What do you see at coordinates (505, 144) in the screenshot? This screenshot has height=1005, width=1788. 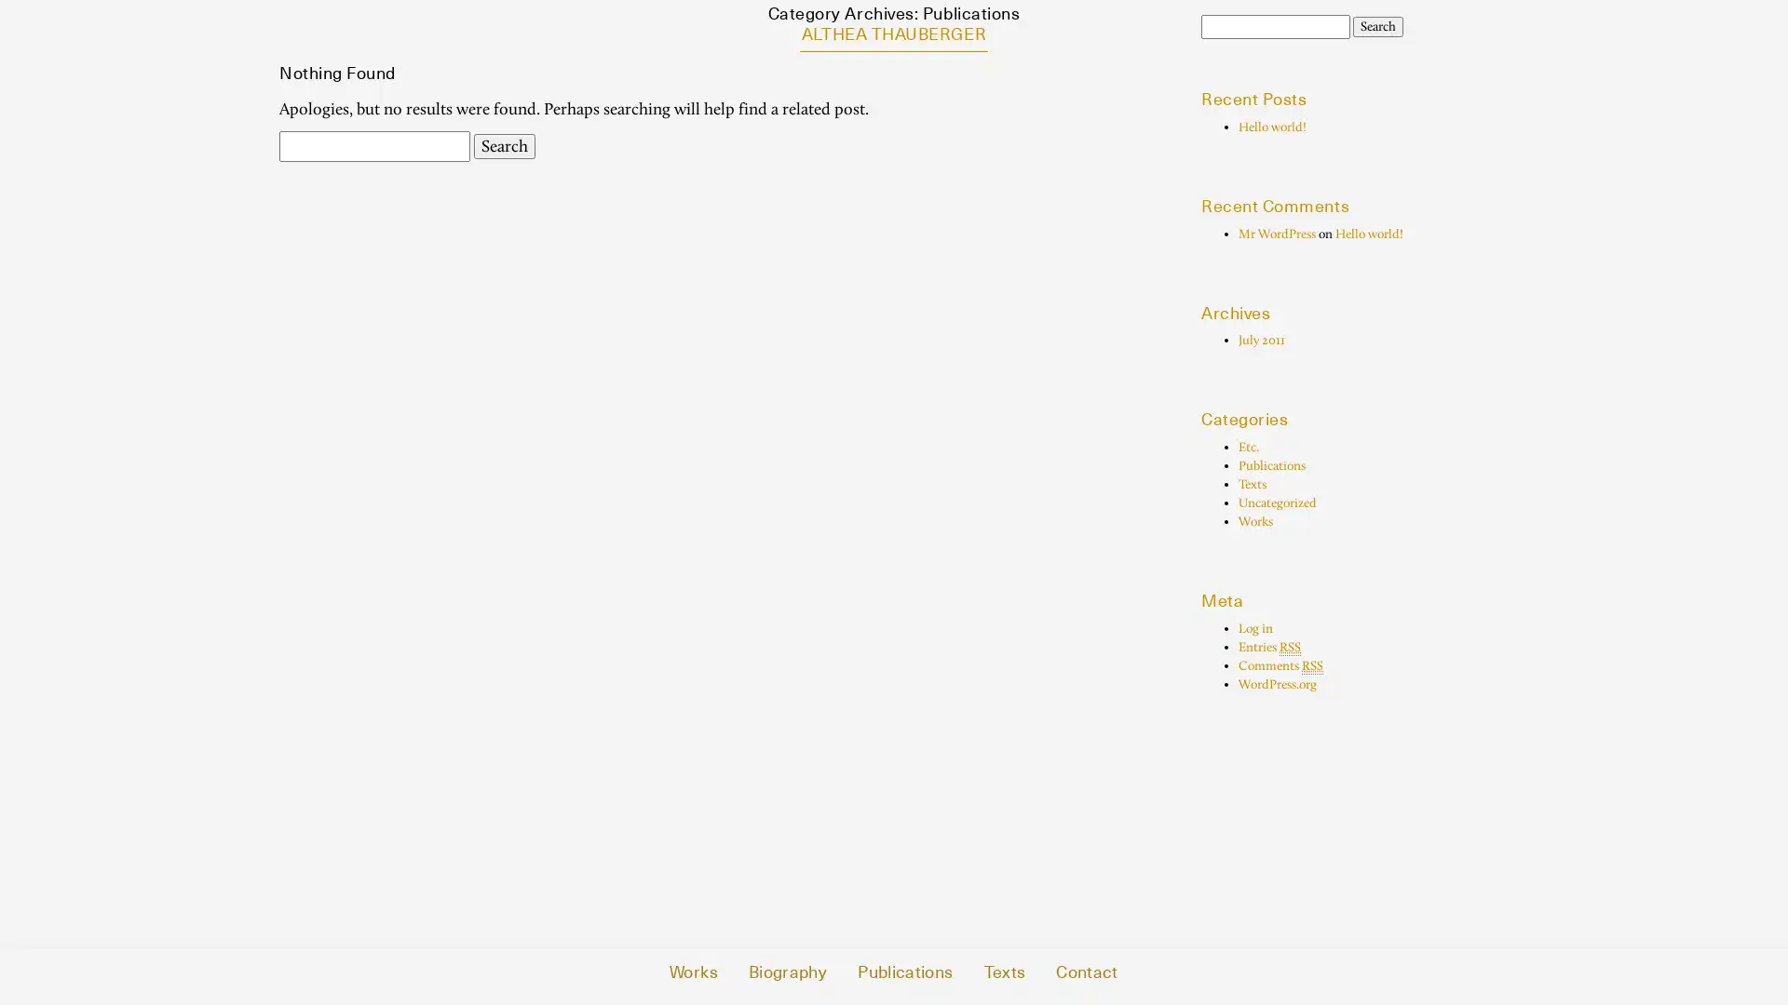 I see `Search` at bounding box center [505, 144].